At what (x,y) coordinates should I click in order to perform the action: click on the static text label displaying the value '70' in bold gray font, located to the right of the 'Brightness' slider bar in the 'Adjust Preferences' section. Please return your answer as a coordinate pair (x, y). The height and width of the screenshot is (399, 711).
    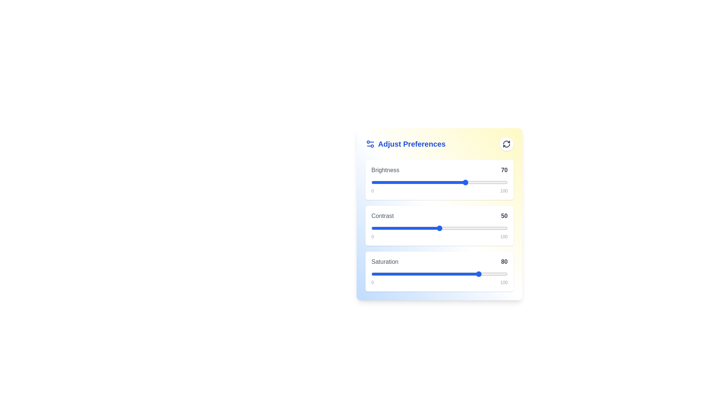
    Looking at the image, I should click on (504, 170).